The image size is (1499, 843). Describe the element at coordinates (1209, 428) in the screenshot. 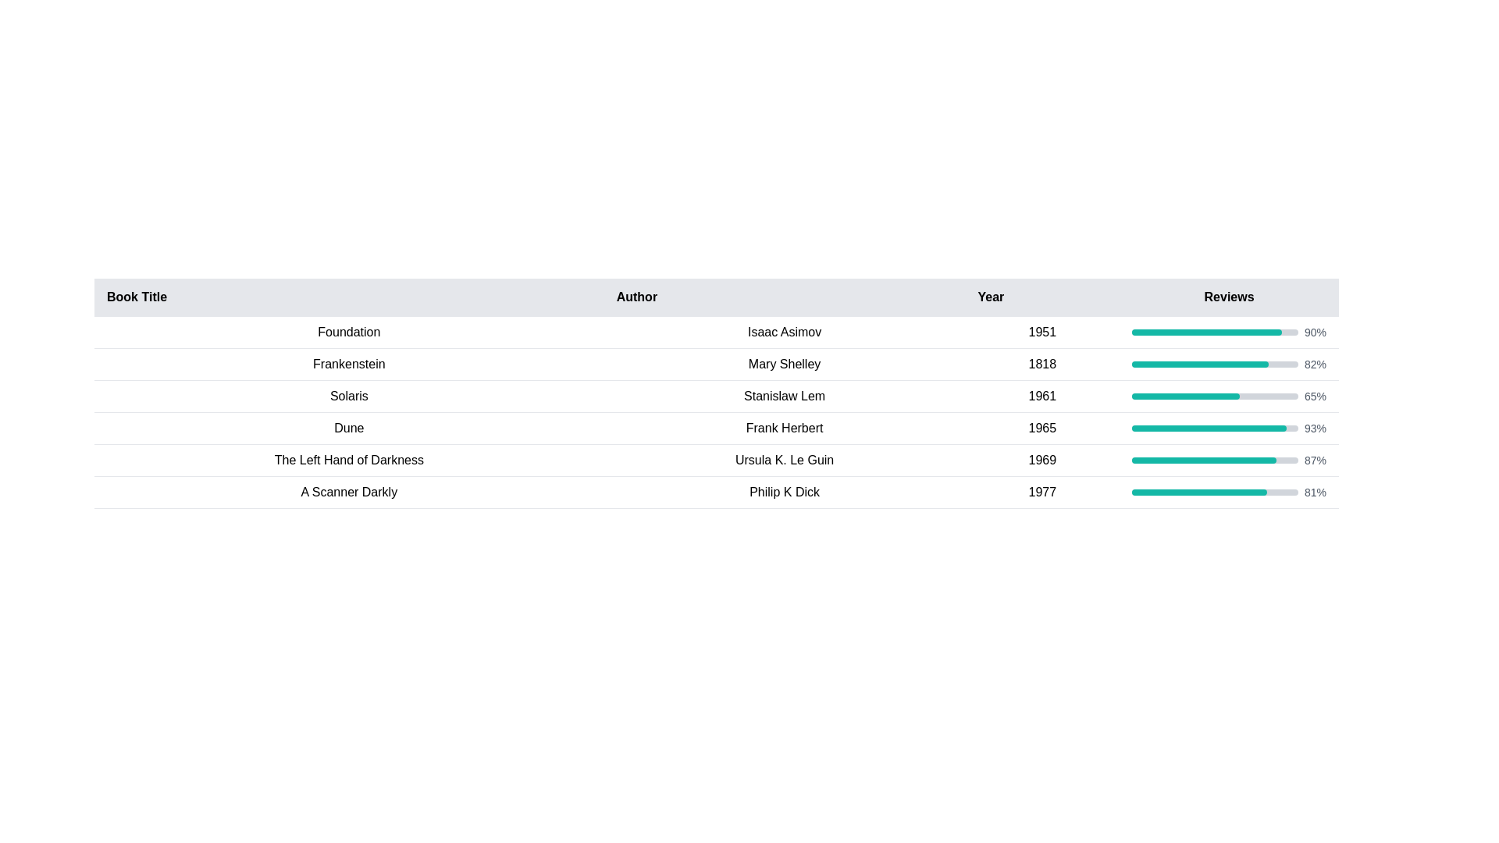

I see `the teal progress bar located in the fourth row of the tabular layout under the 'Reviews' column` at that location.